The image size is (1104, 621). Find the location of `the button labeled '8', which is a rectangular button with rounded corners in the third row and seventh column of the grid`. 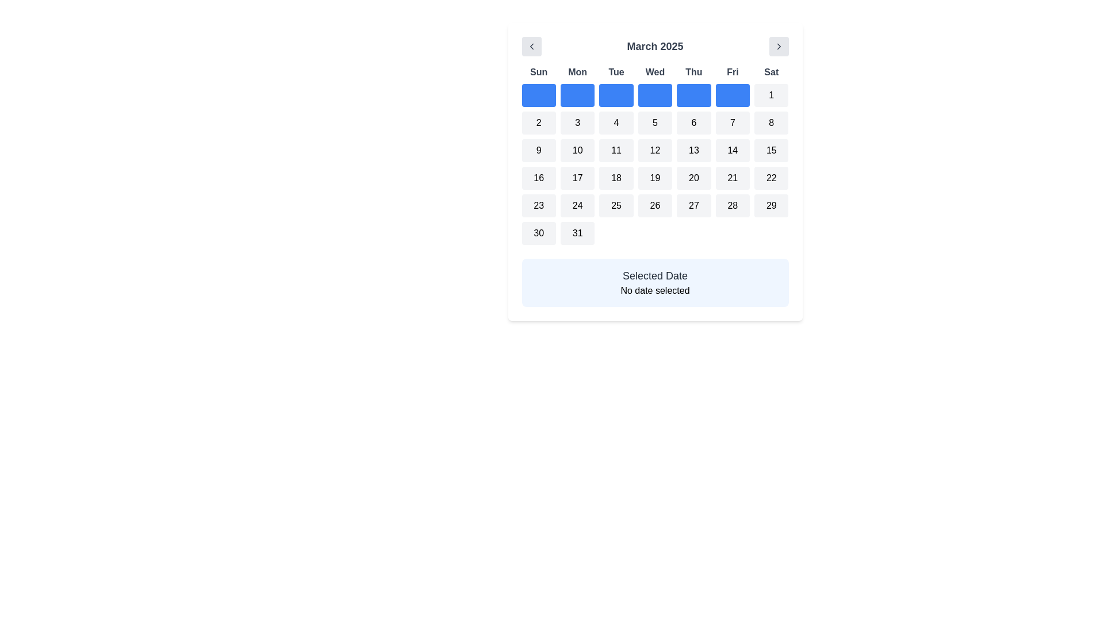

the button labeled '8', which is a rectangular button with rounded corners in the third row and seventh column of the grid is located at coordinates (771, 122).